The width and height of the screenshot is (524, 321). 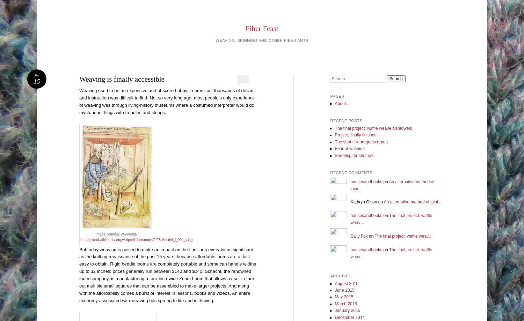 I want to click on 'June 2015', so click(x=344, y=290).